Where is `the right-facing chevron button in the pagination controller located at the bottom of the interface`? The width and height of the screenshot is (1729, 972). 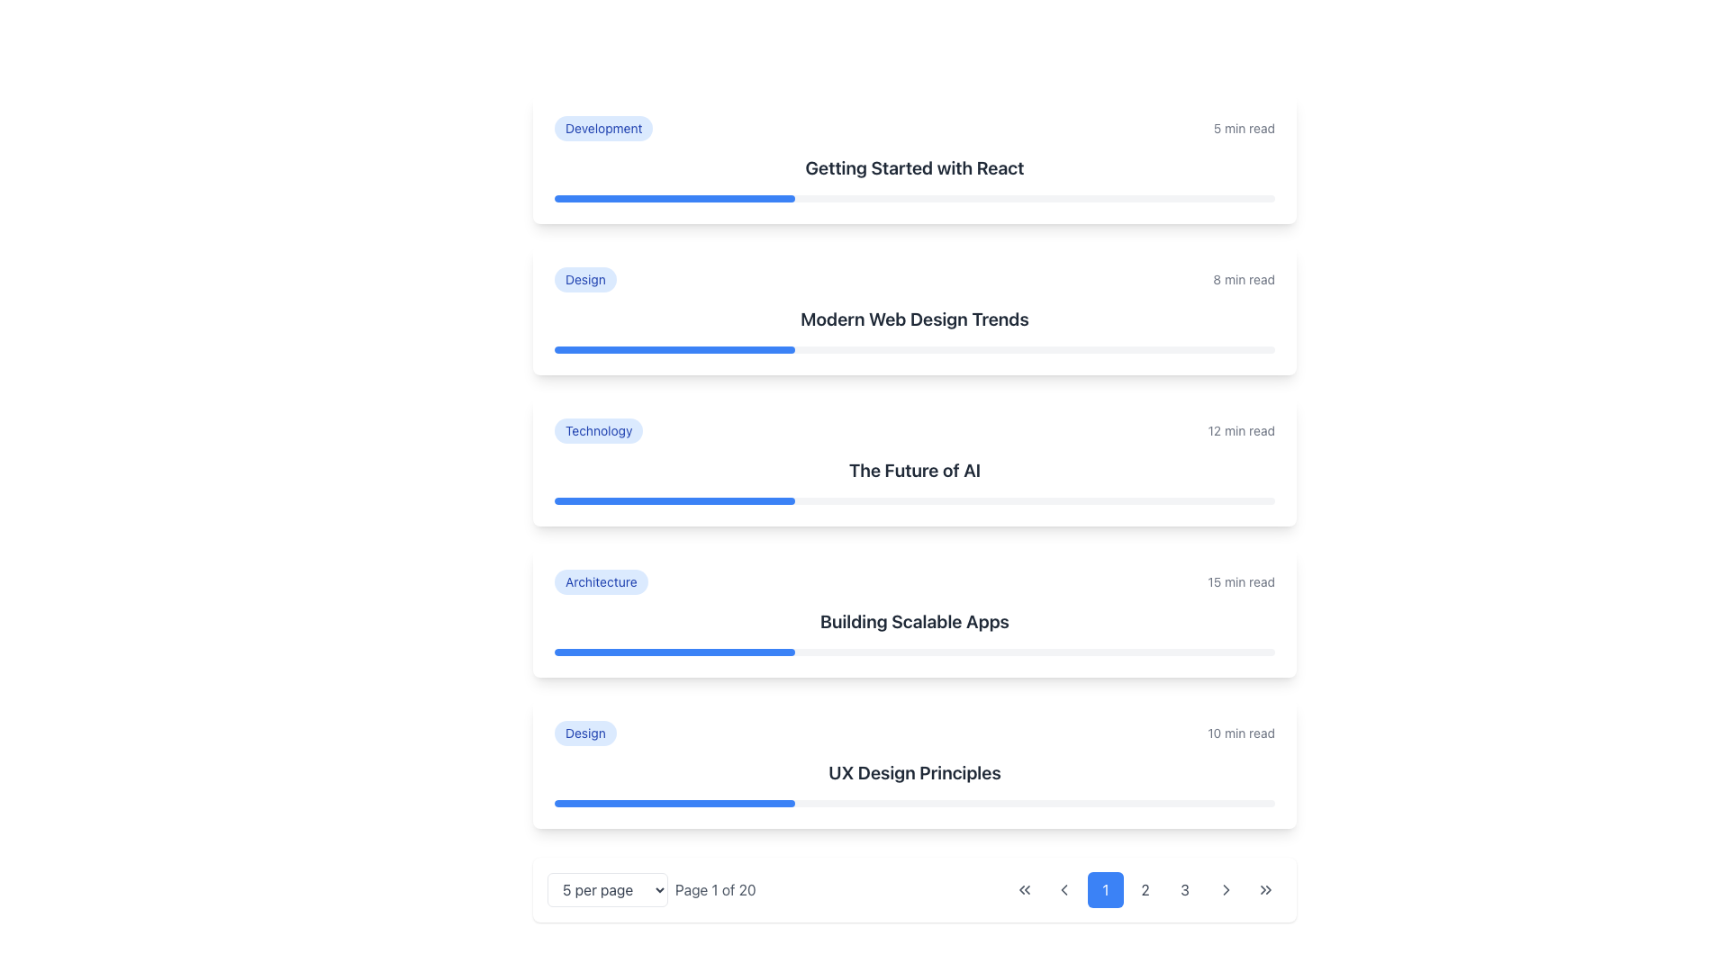 the right-facing chevron button in the pagination controller located at the bottom of the interface is located at coordinates (1226, 888).